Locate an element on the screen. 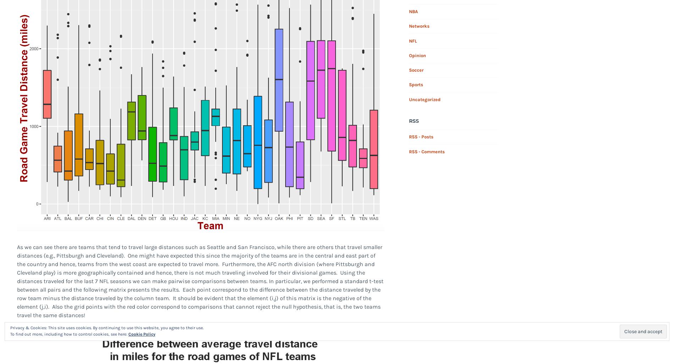  'Cookie Policy' is located at coordinates (128, 334).